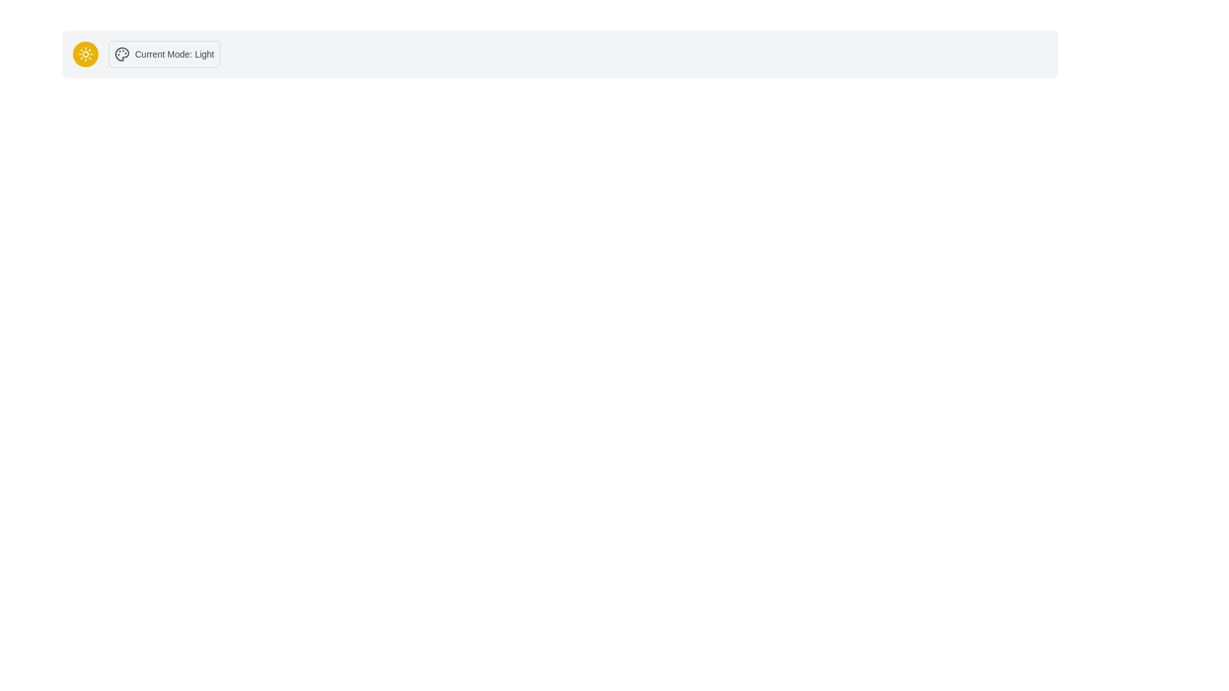 The height and width of the screenshot is (691, 1229). I want to click on the Text Label that indicates the current mode of the system, which is currently set to 'Light', so click(173, 53).